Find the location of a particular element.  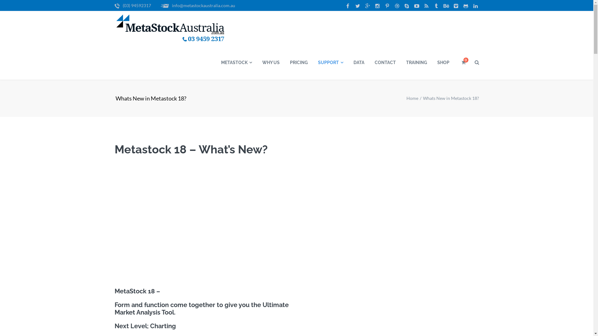

'METASTOCK' is located at coordinates (215, 62).